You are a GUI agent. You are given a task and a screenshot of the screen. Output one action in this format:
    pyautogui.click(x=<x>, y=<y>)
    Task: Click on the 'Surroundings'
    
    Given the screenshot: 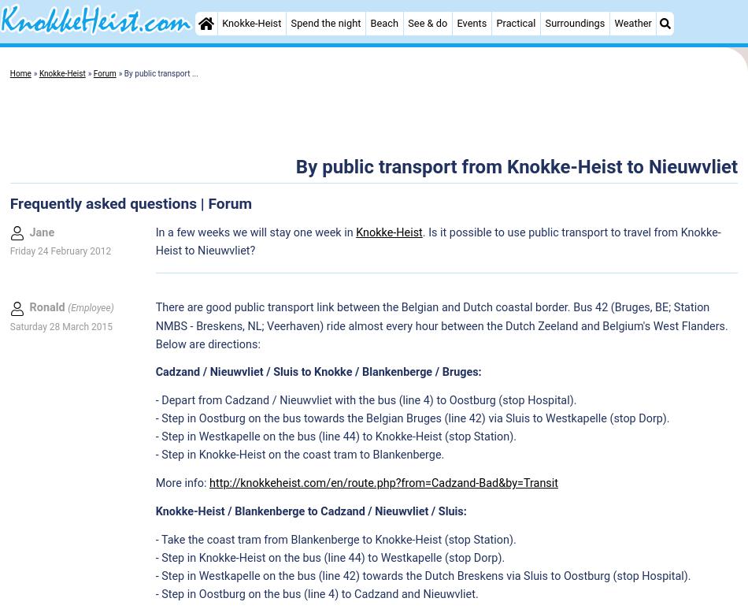 What is the action you would take?
    pyautogui.click(x=573, y=22)
    